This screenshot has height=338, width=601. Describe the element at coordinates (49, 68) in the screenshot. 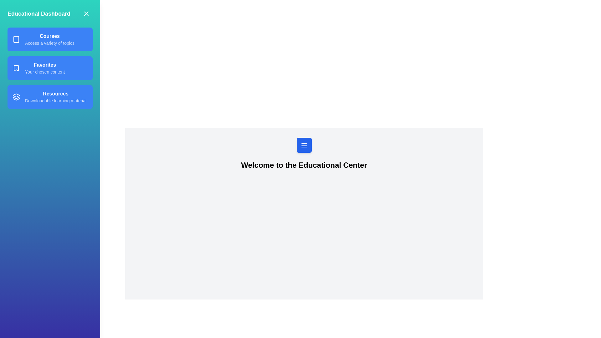

I see `the text in the specified section: Favorites` at that location.